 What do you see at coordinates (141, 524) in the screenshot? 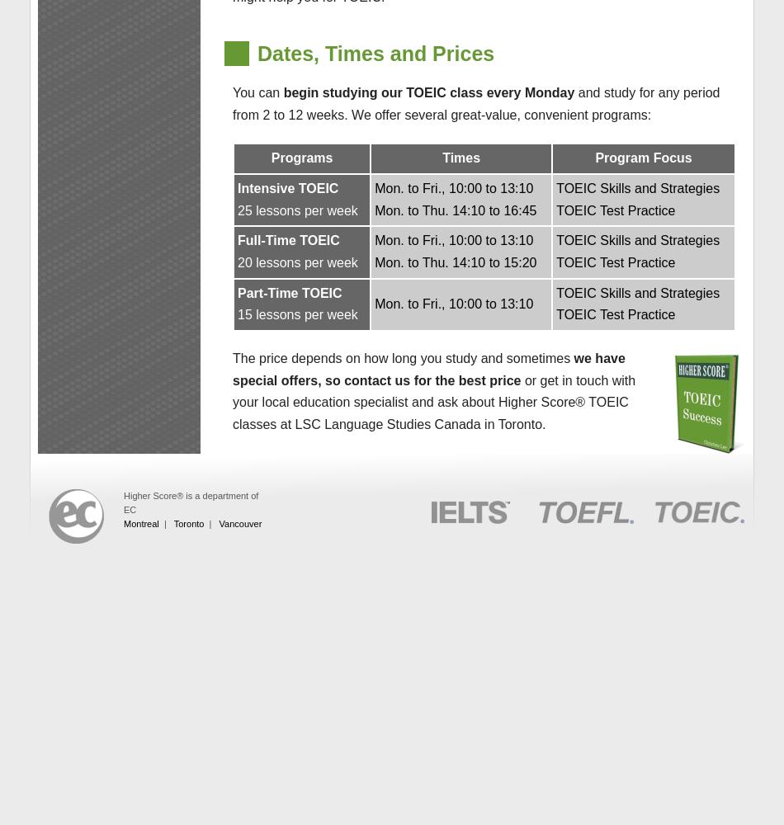
I see `'Montreal'` at bounding box center [141, 524].